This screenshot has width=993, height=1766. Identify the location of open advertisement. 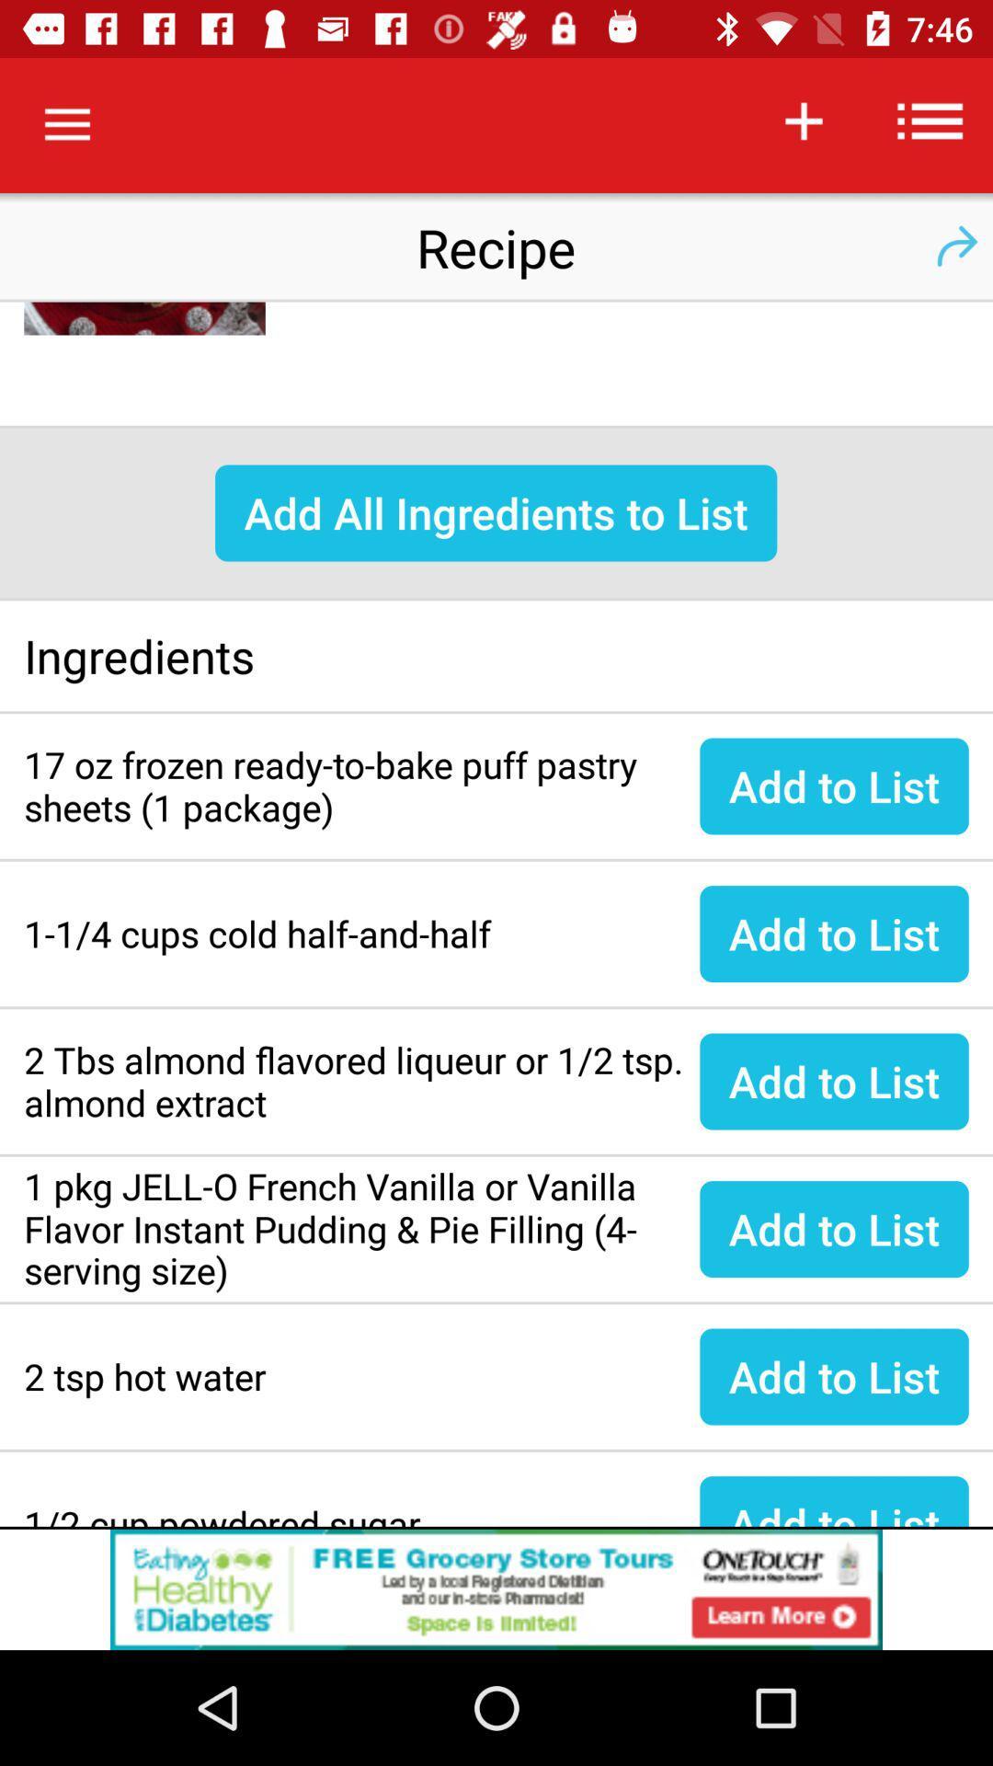
(496, 1588).